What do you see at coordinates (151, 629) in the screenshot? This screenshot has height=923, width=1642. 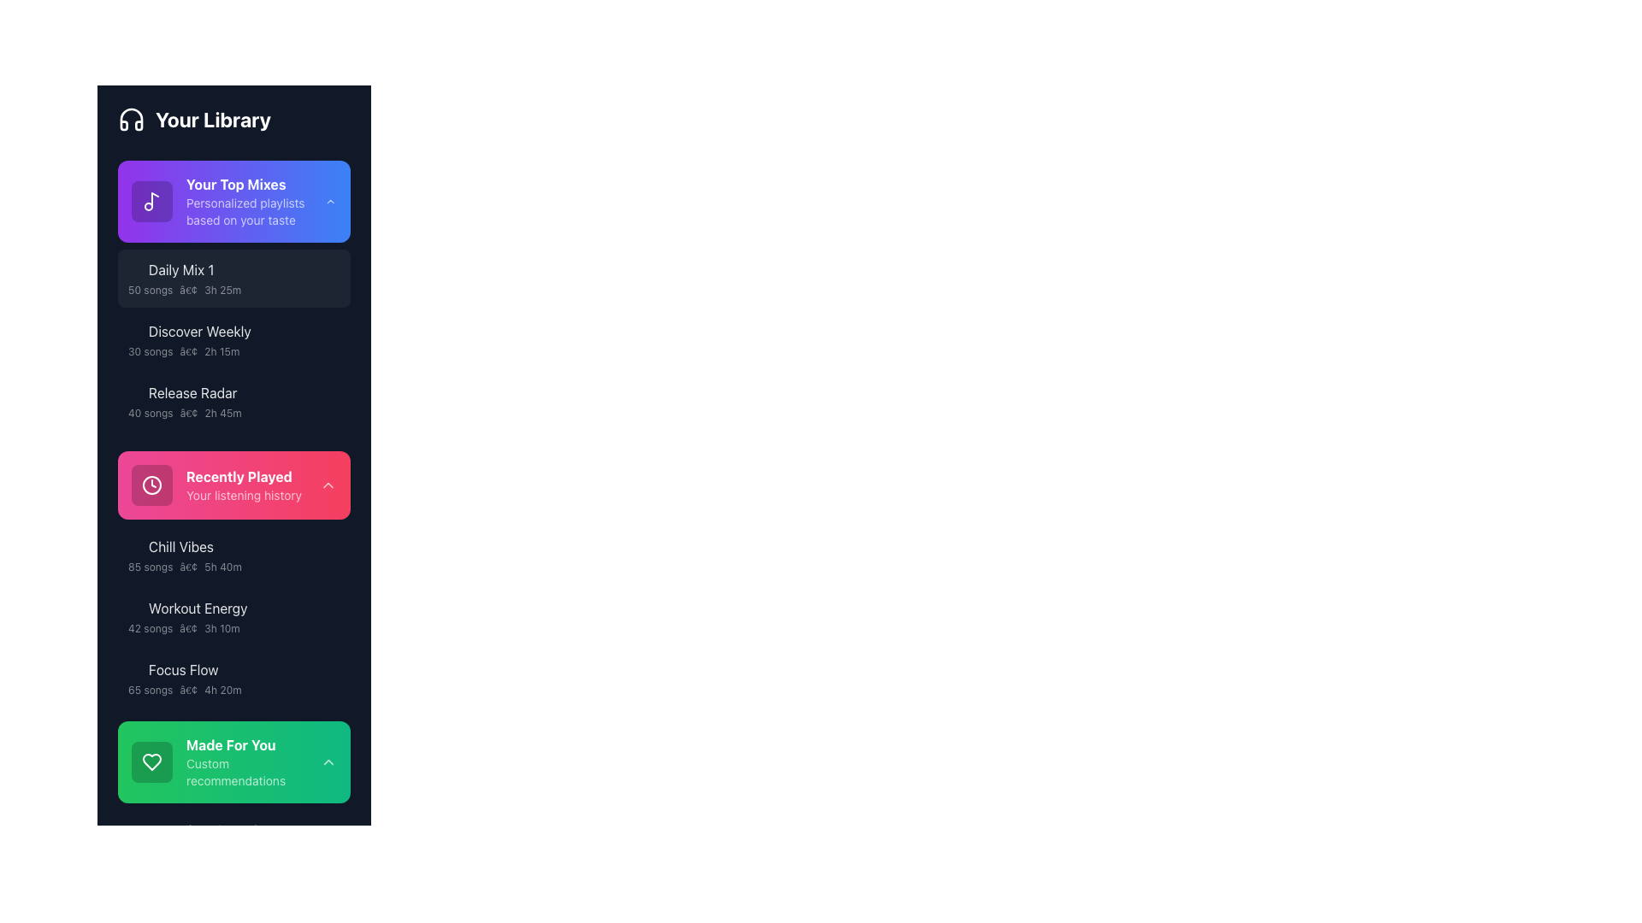 I see `the Text Label displaying '42 songs', which is a small white text with reduced opacity located below the 'Workout Energy' main entry` at bounding box center [151, 629].